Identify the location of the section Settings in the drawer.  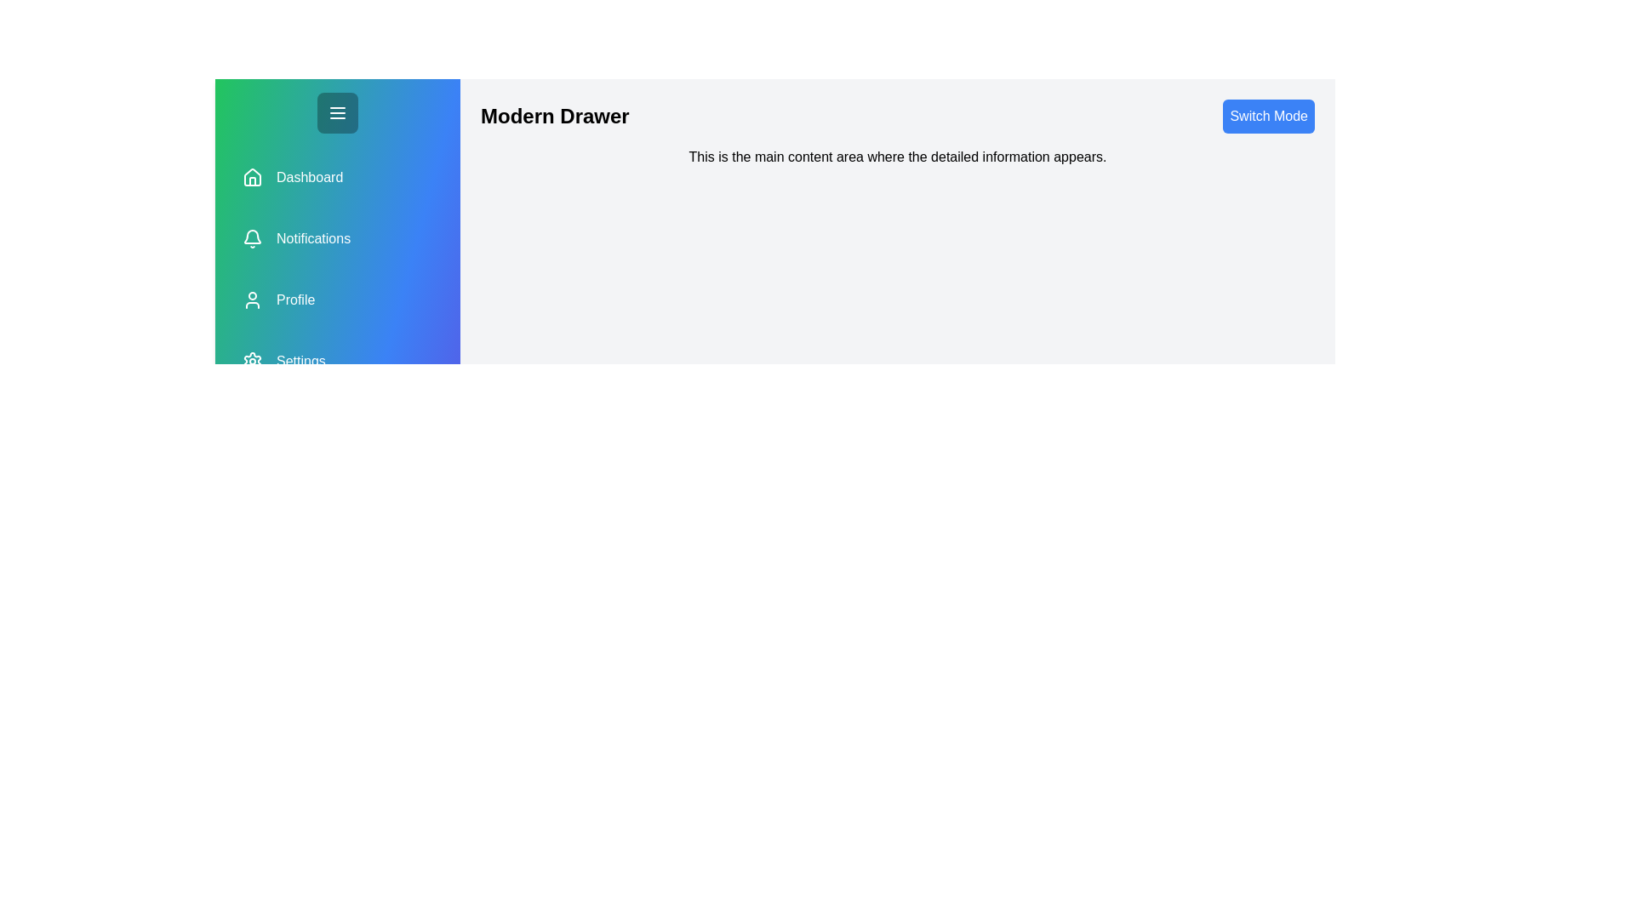
(338, 360).